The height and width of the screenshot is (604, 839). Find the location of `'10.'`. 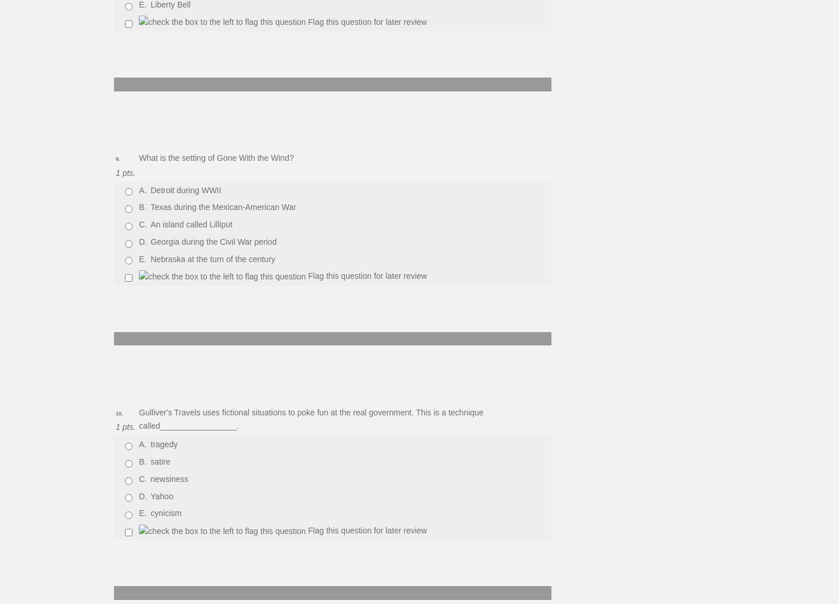

'10.' is located at coordinates (119, 412).